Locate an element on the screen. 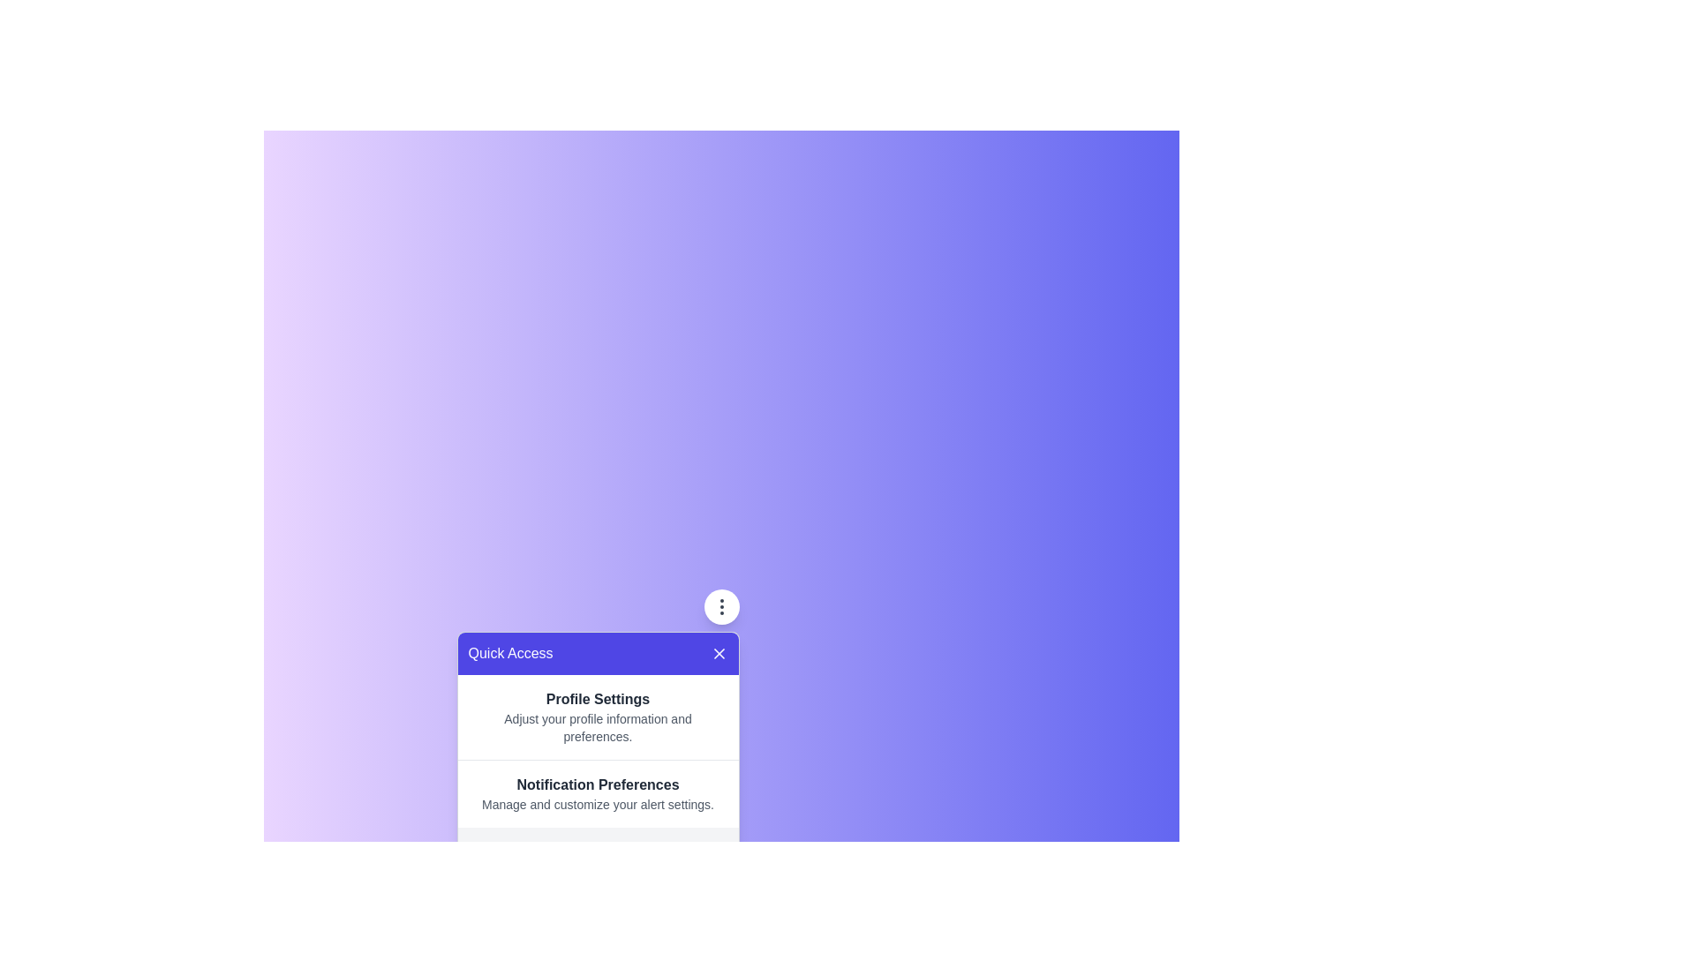  the bold, dark-colored text label displaying 'Profile Settings' located inside the 'Quick Access' panel is located at coordinates (598, 699).